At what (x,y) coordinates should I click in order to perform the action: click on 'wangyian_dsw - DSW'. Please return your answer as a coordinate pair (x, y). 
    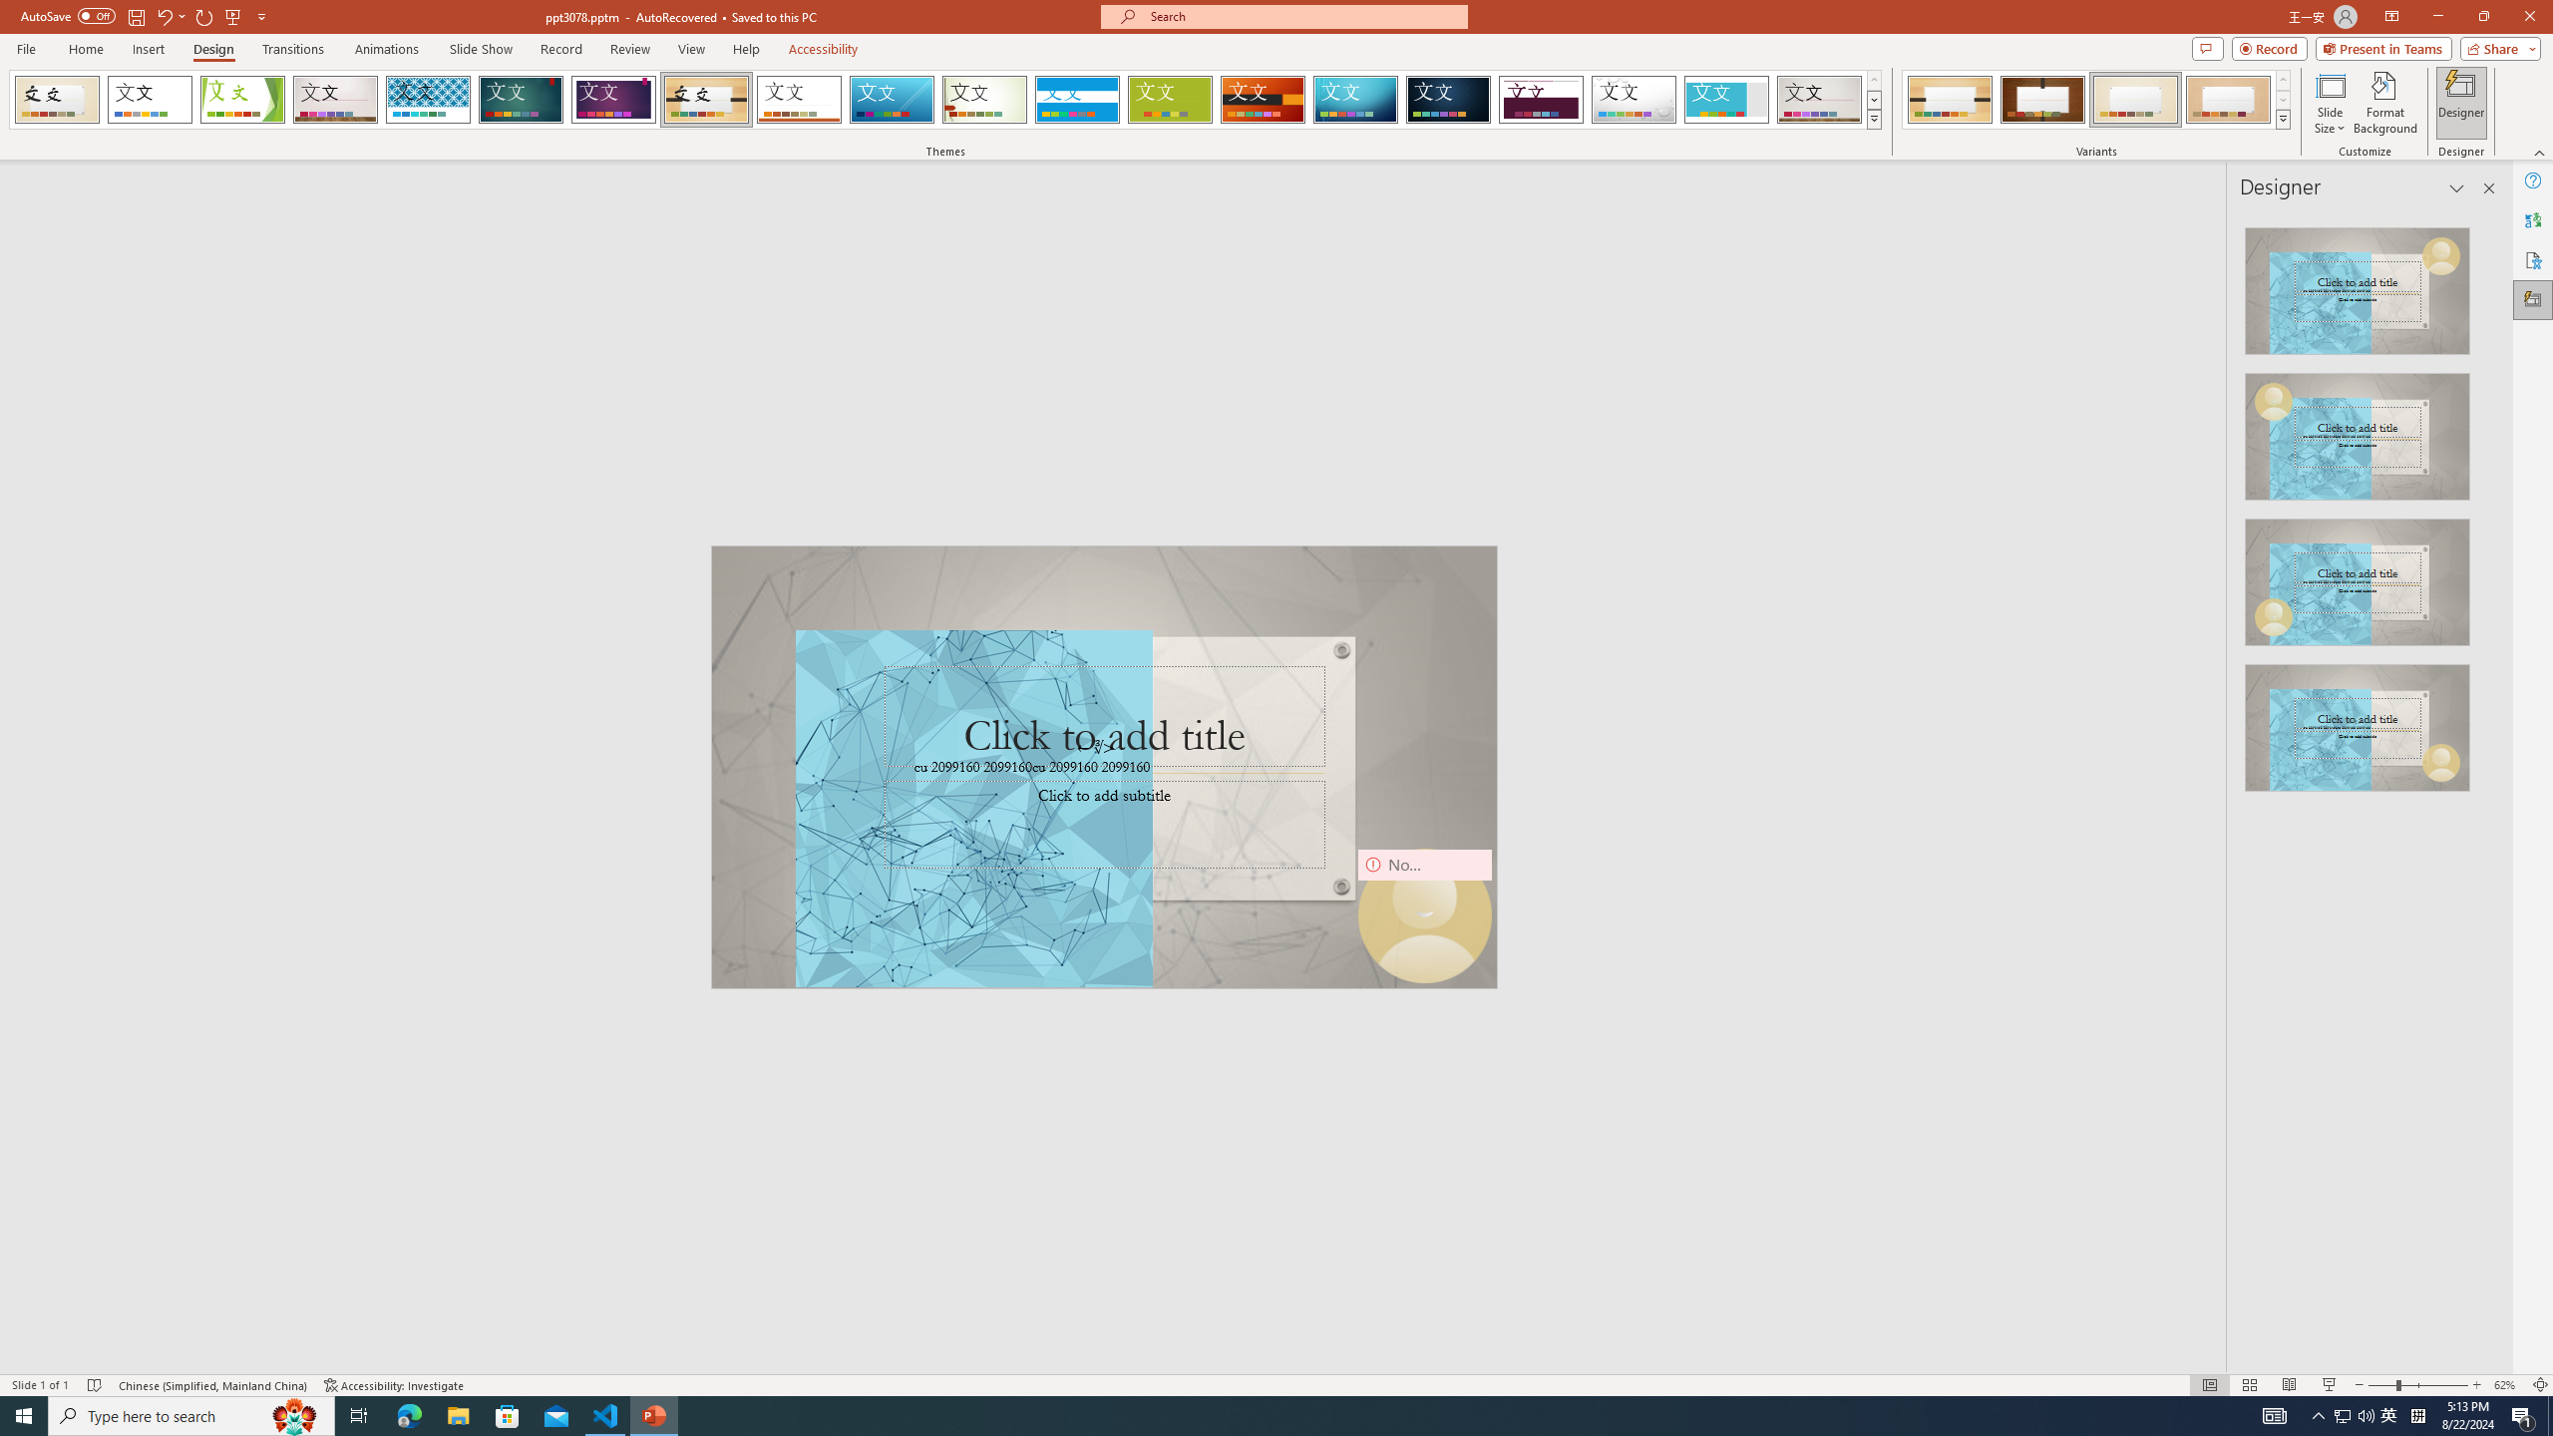
    Looking at the image, I should click on (41, 320).